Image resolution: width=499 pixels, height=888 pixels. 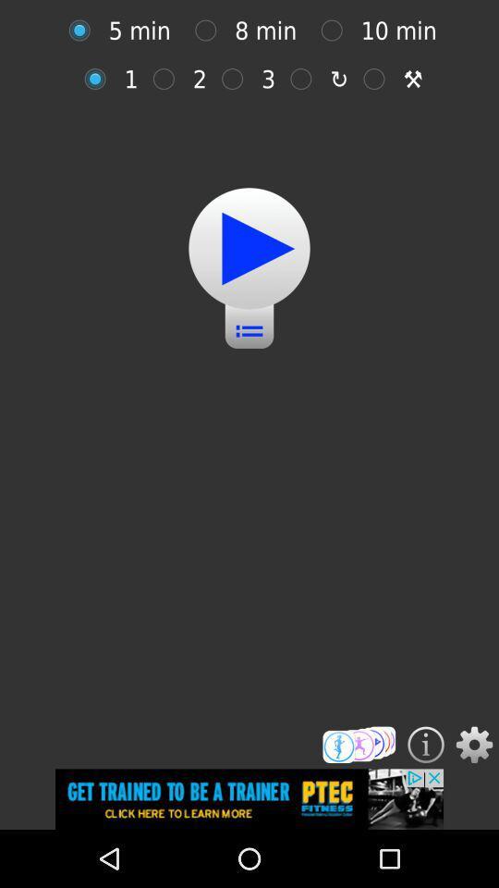 What do you see at coordinates (426, 745) in the screenshot?
I see `app information` at bounding box center [426, 745].